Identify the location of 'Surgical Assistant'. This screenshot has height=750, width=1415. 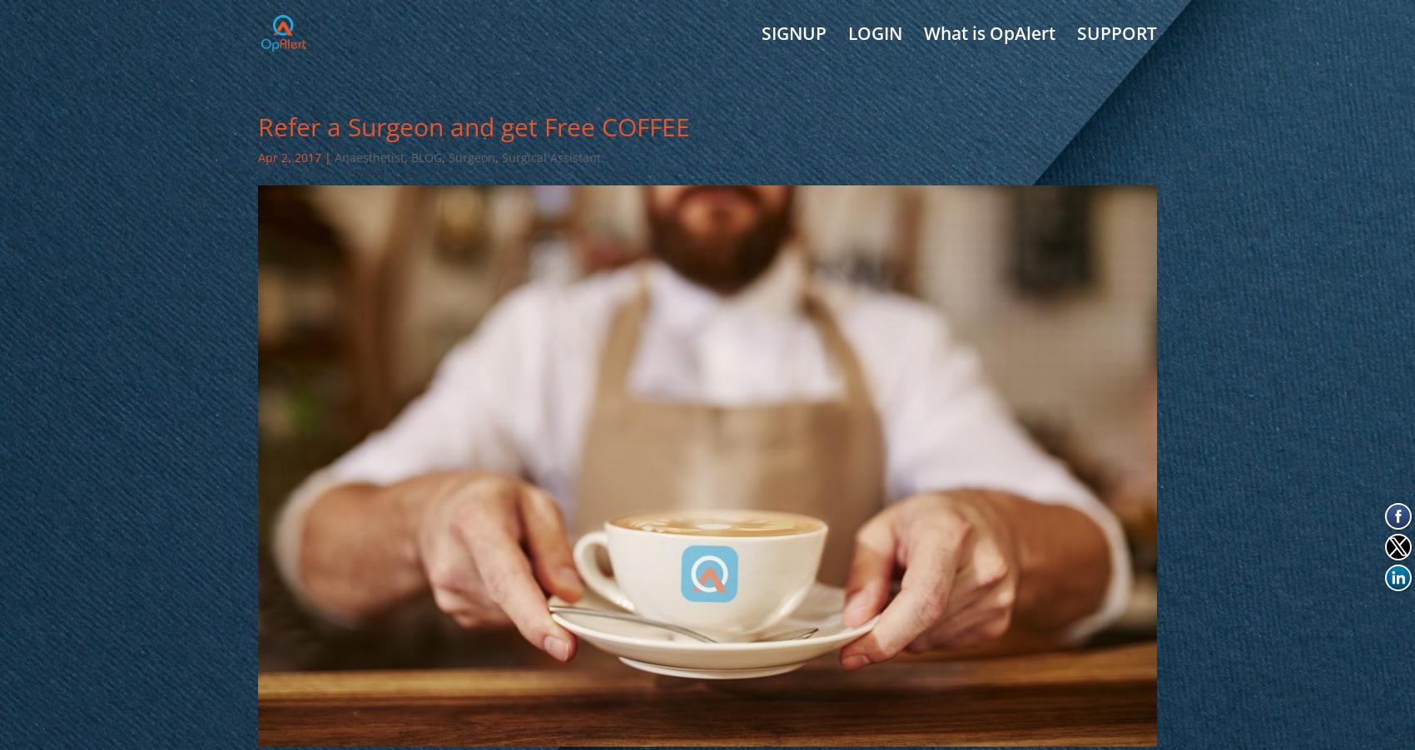
(500, 156).